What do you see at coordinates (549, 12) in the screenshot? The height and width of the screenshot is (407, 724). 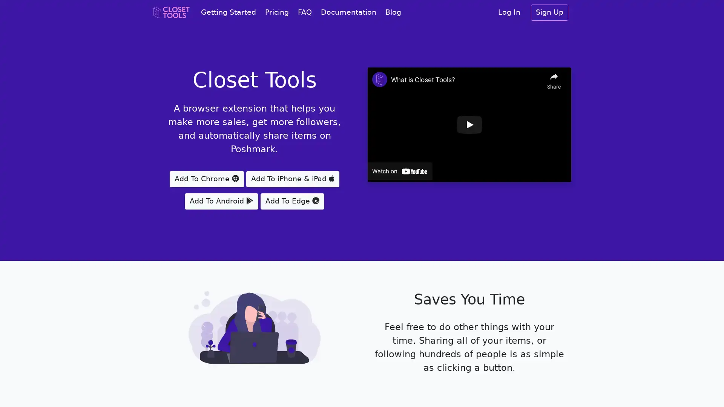 I see `Sign Up` at bounding box center [549, 12].